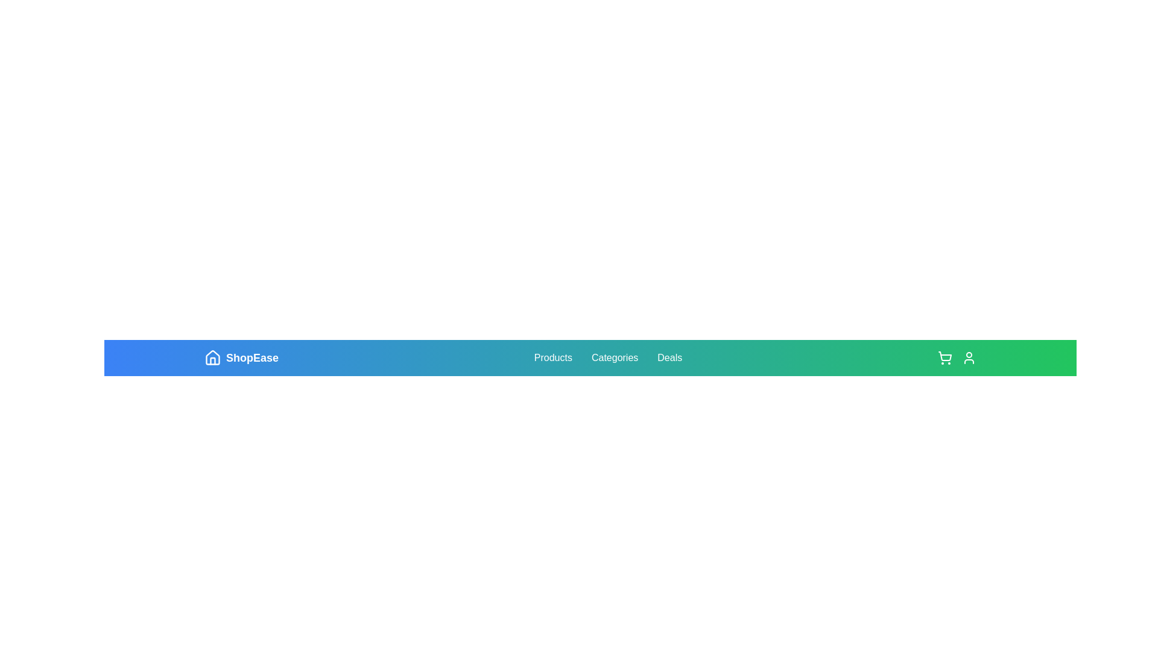  I want to click on the 'Categories' hyperlink in the navigation bar, so click(615, 357).